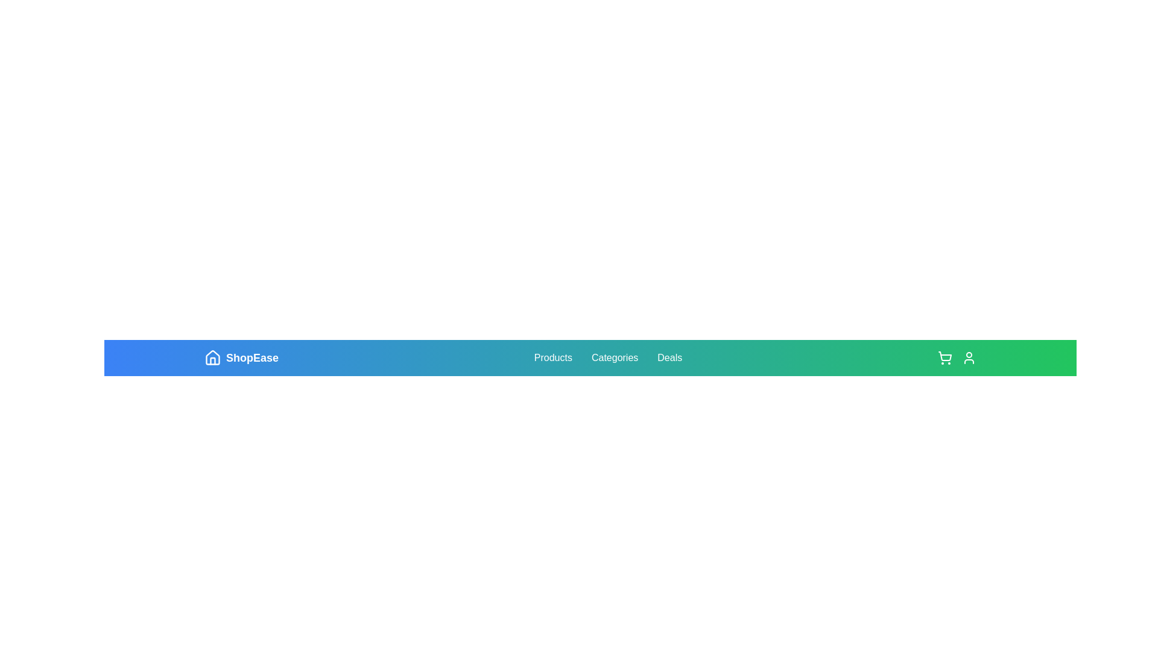  I want to click on the 'Categories' hyperlink in the navigation bar, so click(615, 357).